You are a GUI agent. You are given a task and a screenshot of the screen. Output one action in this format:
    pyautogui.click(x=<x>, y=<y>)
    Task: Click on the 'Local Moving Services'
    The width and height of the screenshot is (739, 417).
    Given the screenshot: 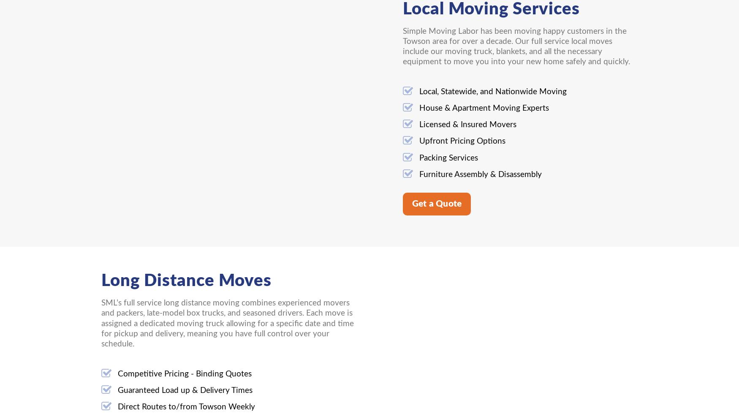 What is the action you would take?
    pyautogui.click(x=491, y=8)
    